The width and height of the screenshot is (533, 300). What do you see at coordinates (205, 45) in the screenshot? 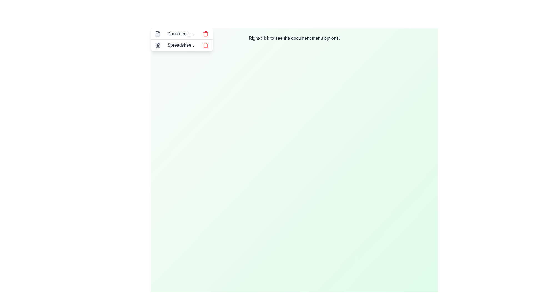
I see `the trash icon next to the document named Spreadsheet_B.xlsx to remove it from the list` at bounding box center [205, 45].